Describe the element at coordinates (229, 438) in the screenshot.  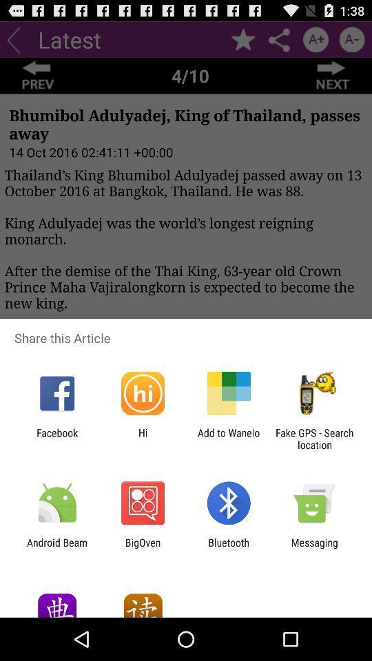
I see `icon next to the fake gps search` at that location.